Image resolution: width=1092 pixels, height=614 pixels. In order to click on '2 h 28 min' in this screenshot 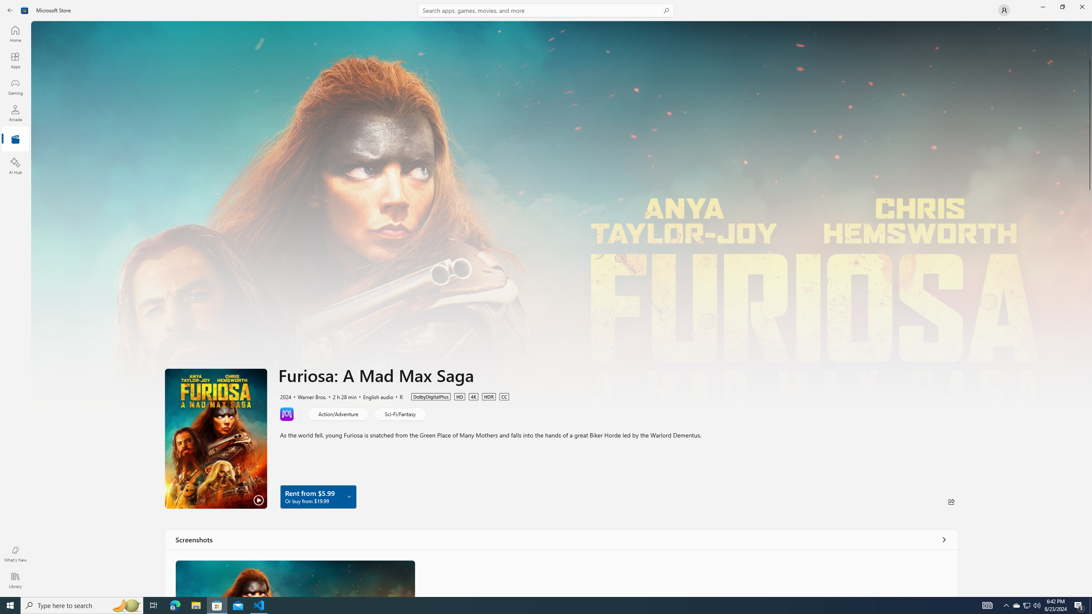, I will do `click(340, 396)`.